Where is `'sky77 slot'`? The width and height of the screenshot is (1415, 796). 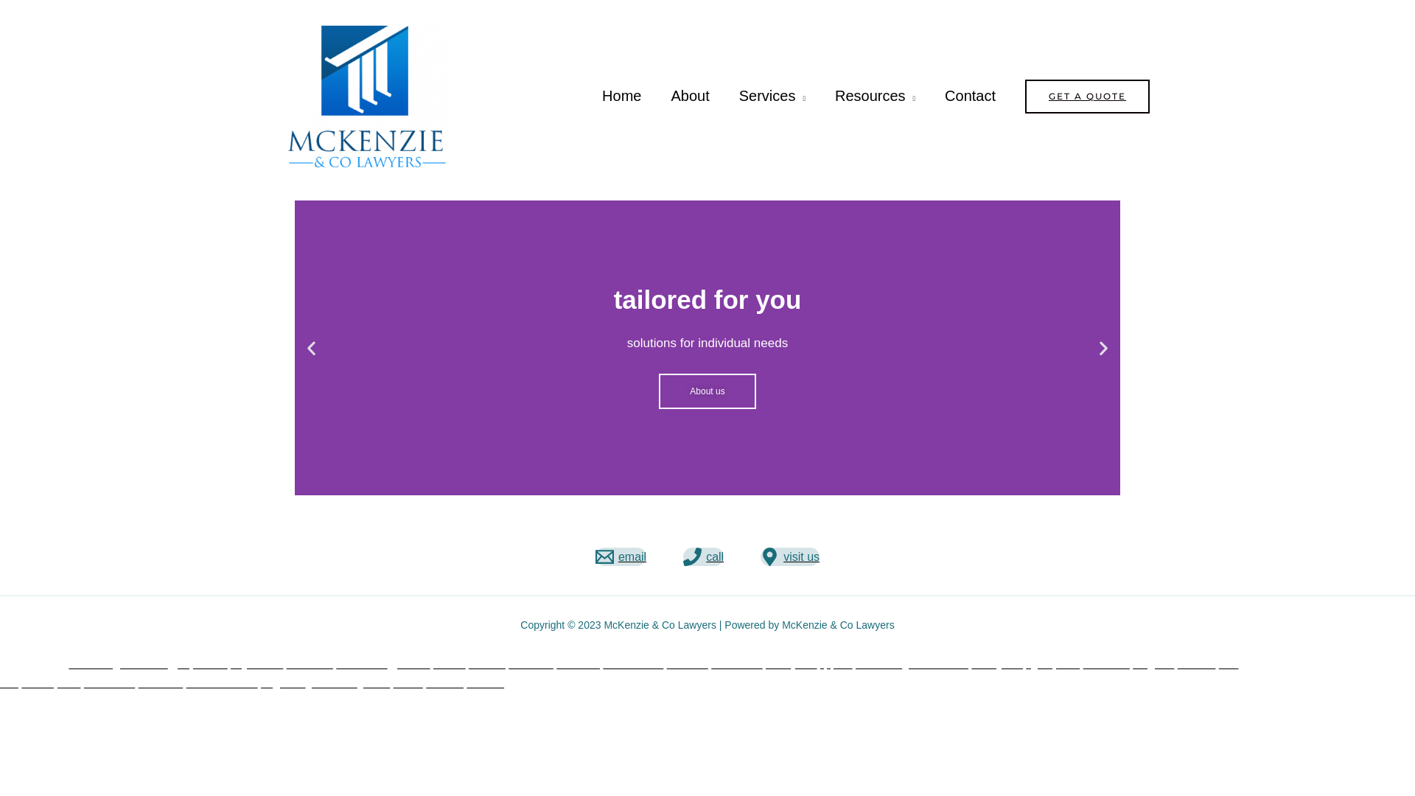
'sky77 slot' is located at coordinates (229, 663).